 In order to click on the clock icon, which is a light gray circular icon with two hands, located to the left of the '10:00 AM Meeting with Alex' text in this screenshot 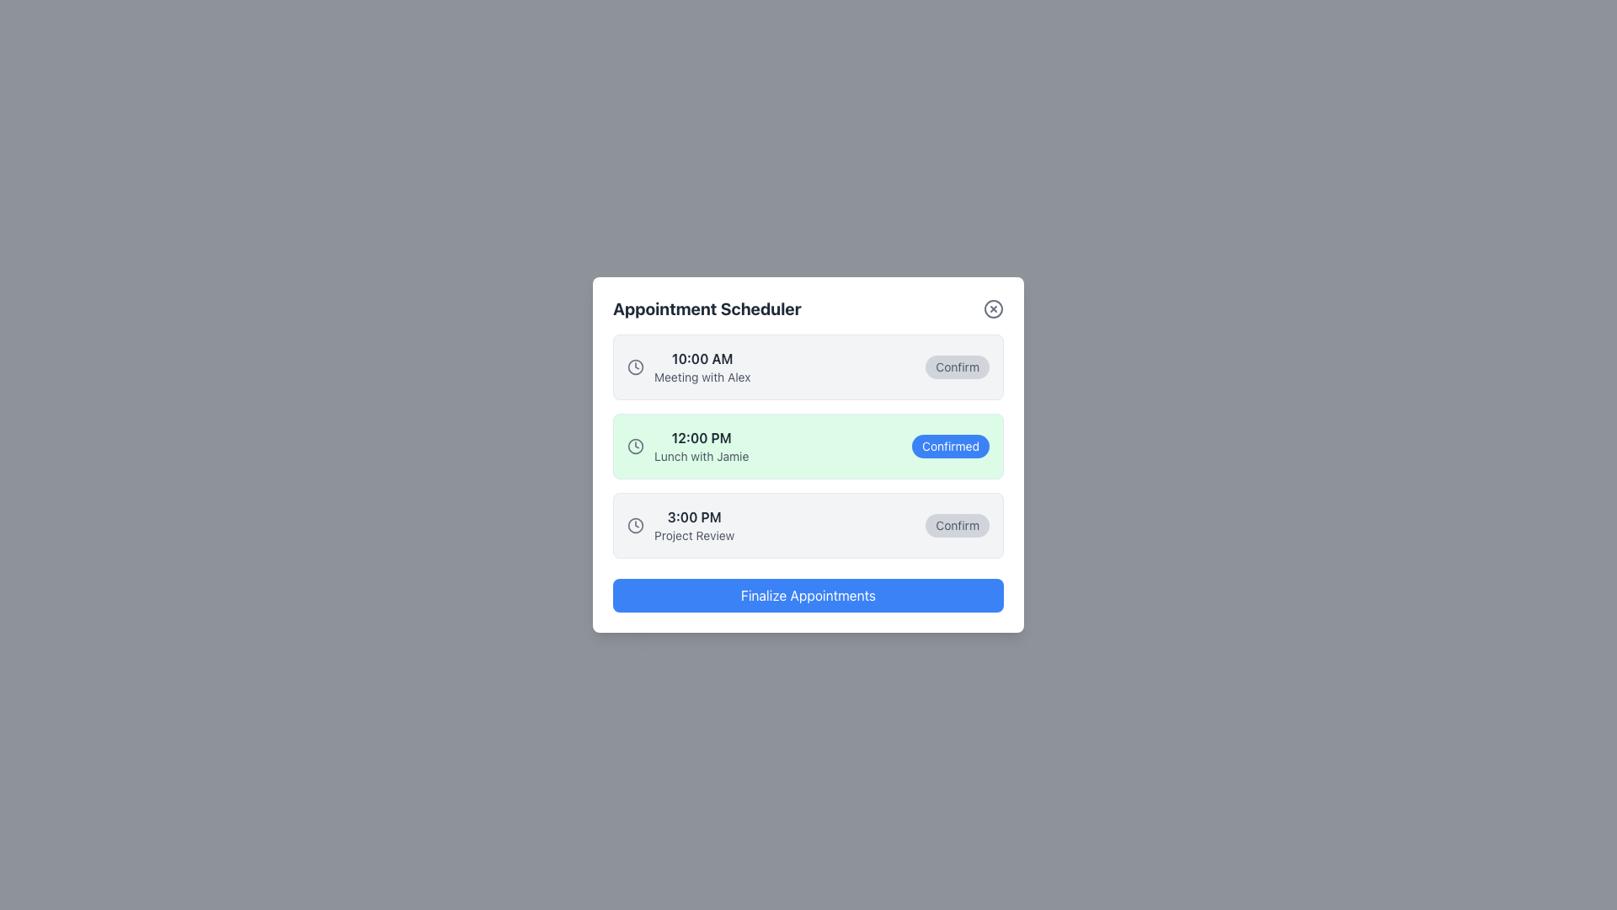, I will do `click(634, 366)`.